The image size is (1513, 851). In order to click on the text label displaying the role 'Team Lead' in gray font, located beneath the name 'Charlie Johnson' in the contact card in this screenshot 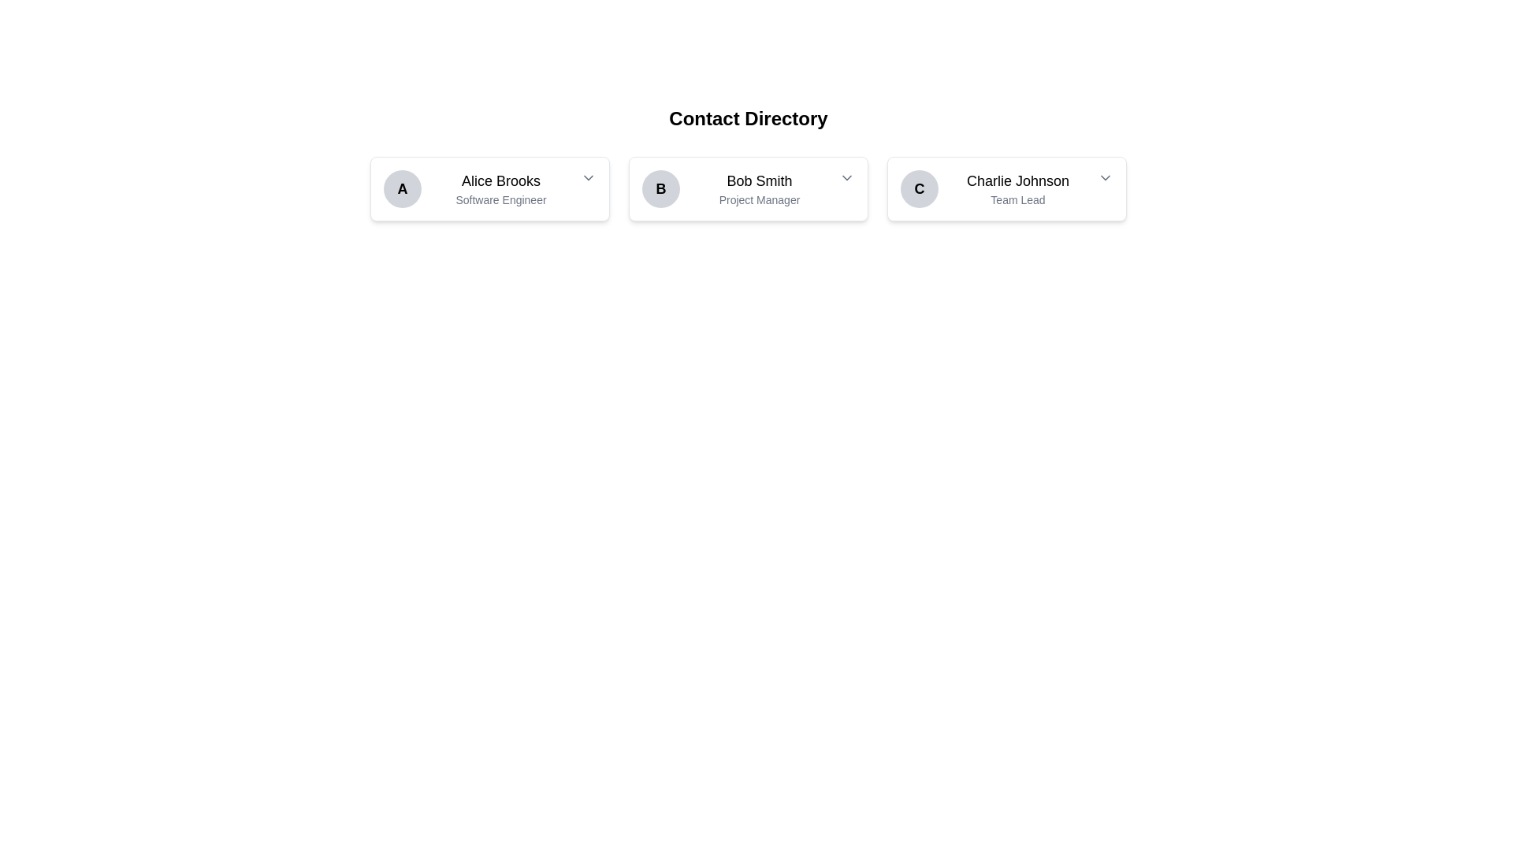, I will do `click(1017, 199)`.